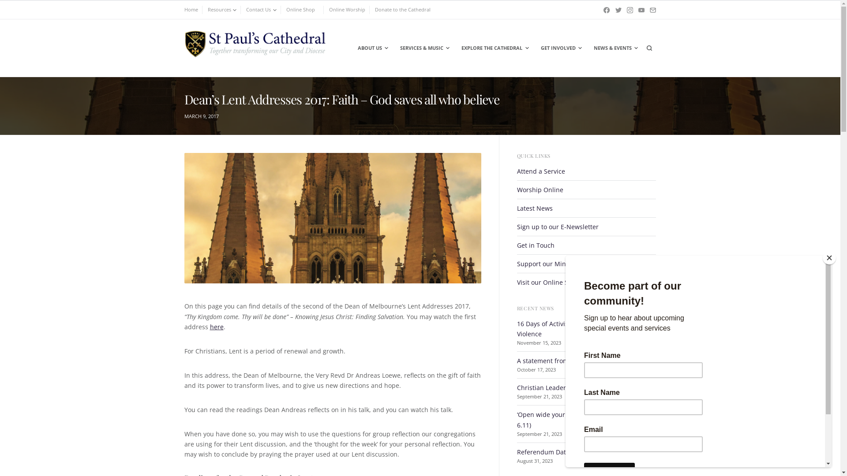 The image size is (847, 476). I want to click on 'GET INVOLVED', so click(560, 48).